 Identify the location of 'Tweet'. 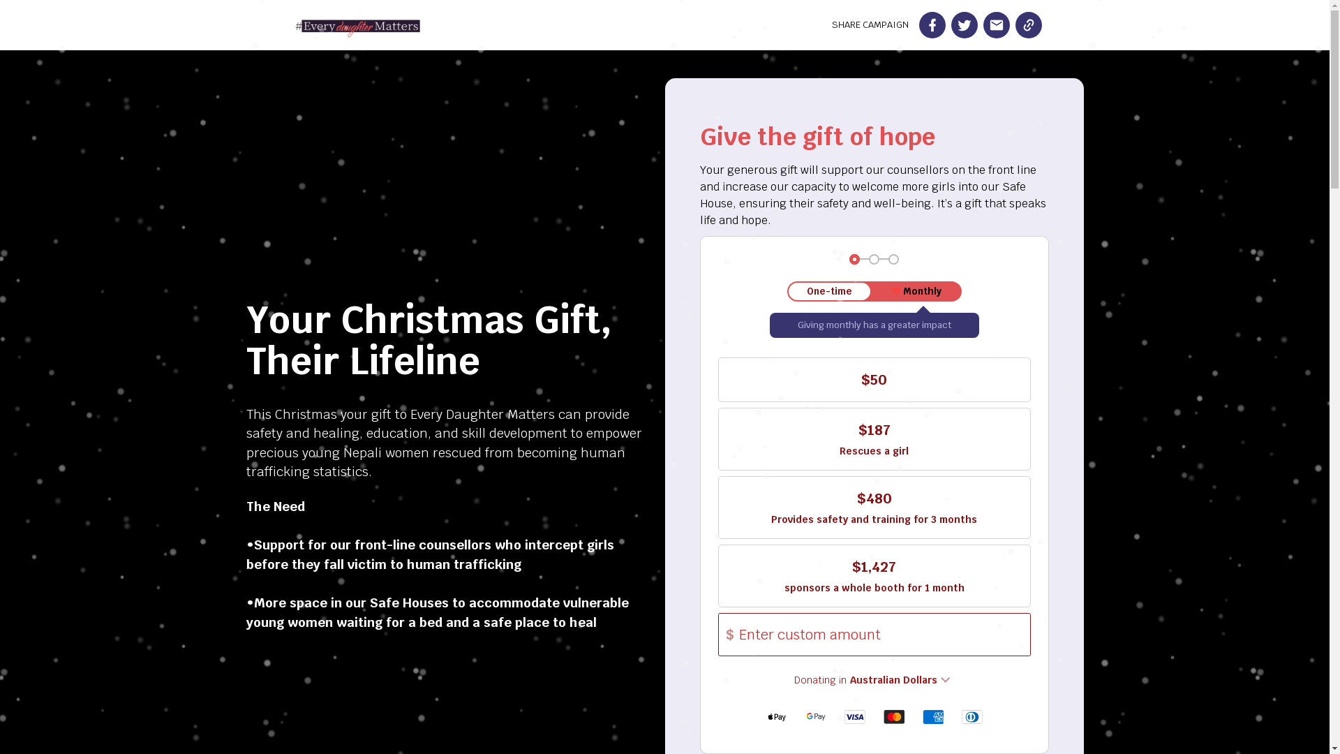
(963, 24).